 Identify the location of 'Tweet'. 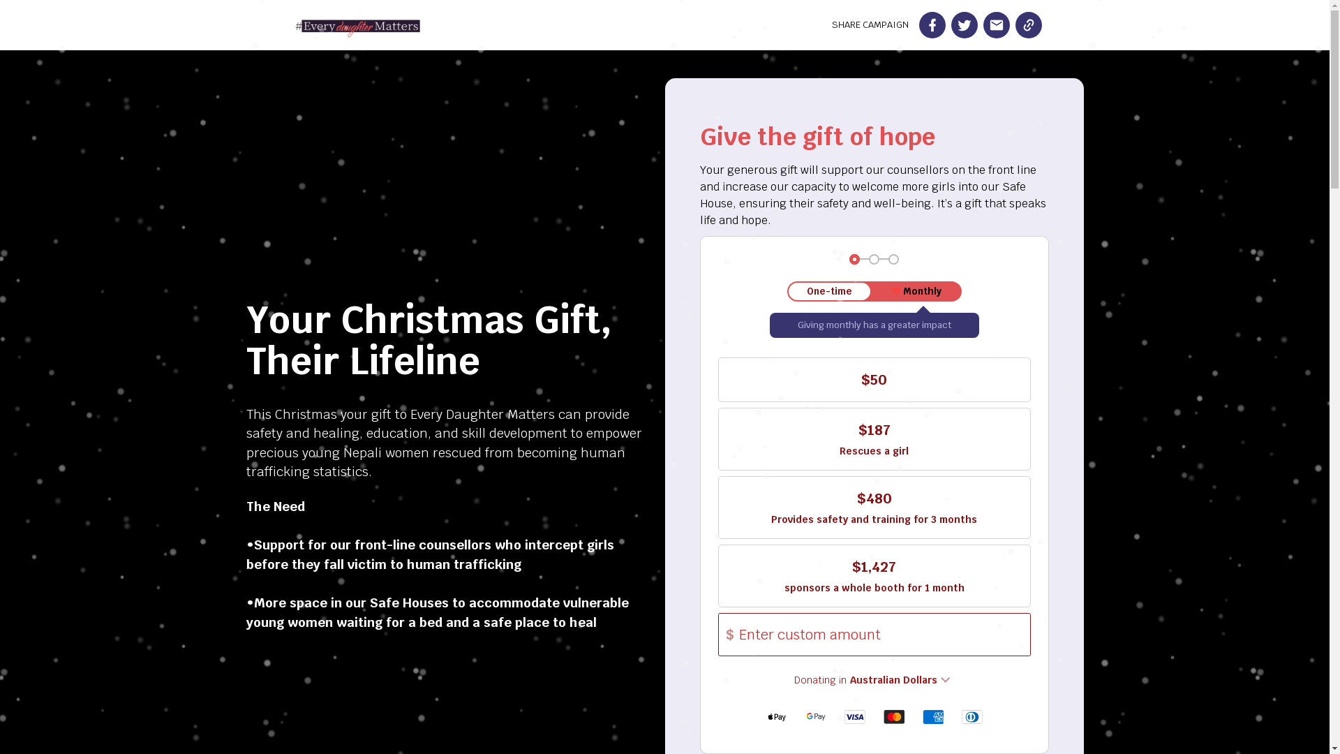
(963, 24).